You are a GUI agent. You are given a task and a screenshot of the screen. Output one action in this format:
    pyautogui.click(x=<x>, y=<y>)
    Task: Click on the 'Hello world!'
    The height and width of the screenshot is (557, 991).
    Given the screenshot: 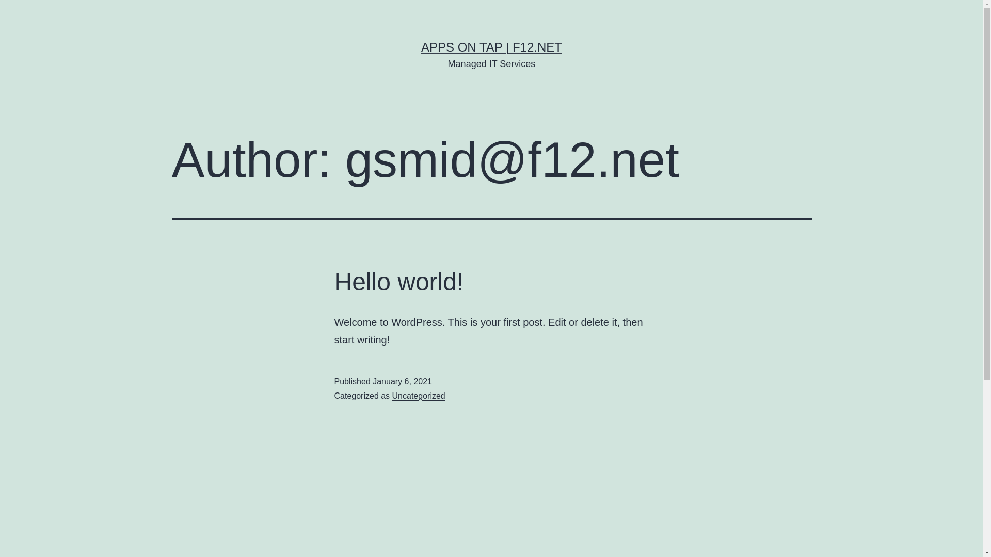 What is the action you would take?
    pyautogui.click(x=398, y=282)
    